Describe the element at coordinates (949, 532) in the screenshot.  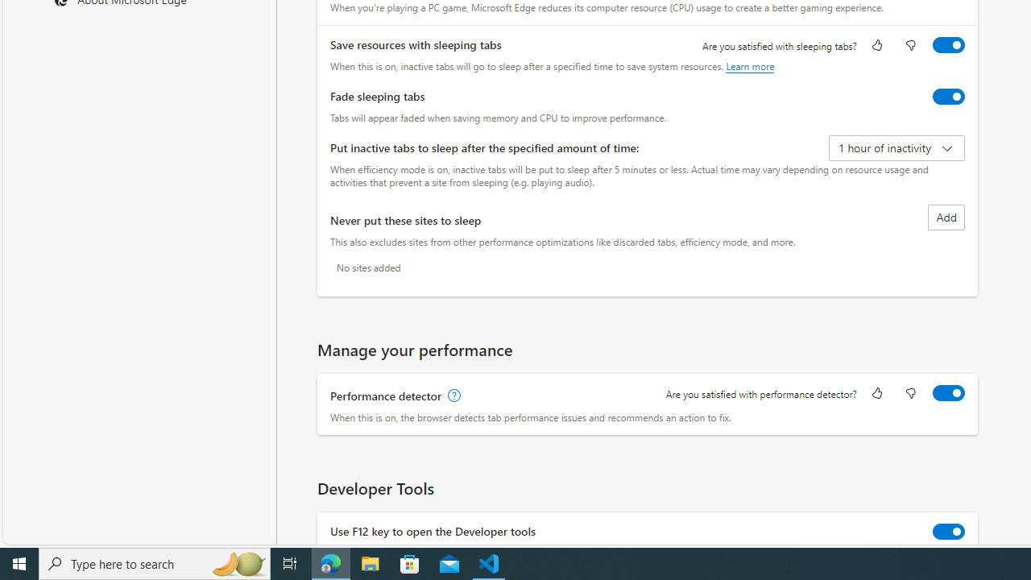
I see `'Use F12 key to open the Developer tools'` at that location.